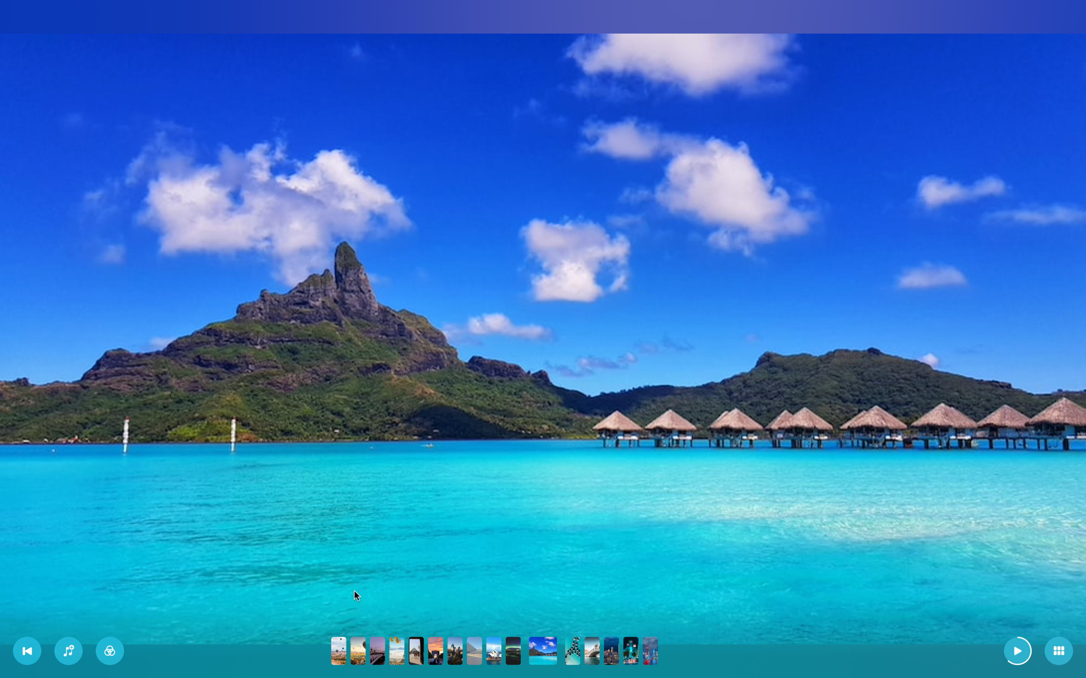 The height and width of the screenshot is (678, 1086). I want to click on Progress to the second visual slide in the slideshow, so click(358, 650).